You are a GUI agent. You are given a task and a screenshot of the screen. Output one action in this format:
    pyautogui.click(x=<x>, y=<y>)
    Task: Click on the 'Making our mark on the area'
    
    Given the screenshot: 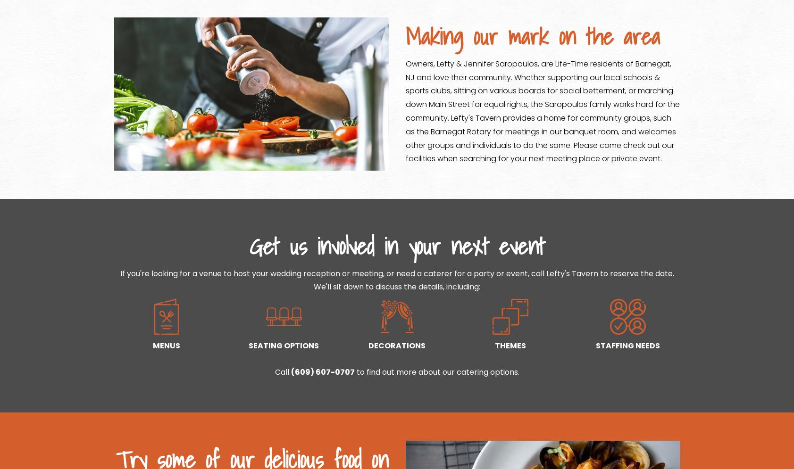 What is the action you would take?
    pyautogui.click(x=532, y=36)
    